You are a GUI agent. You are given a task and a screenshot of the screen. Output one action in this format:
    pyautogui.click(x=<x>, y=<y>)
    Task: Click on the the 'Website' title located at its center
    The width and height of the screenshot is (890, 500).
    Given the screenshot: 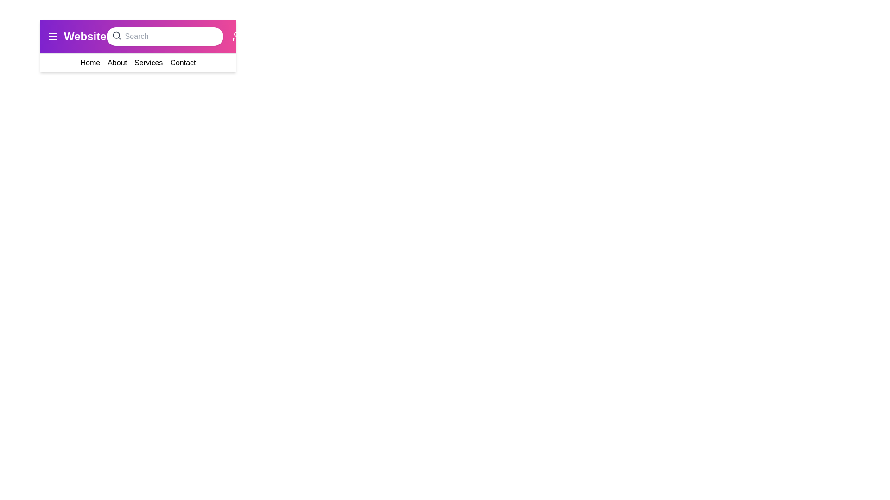 What is the action you would take?
    pyautogui.click(x=85, y=36)
    